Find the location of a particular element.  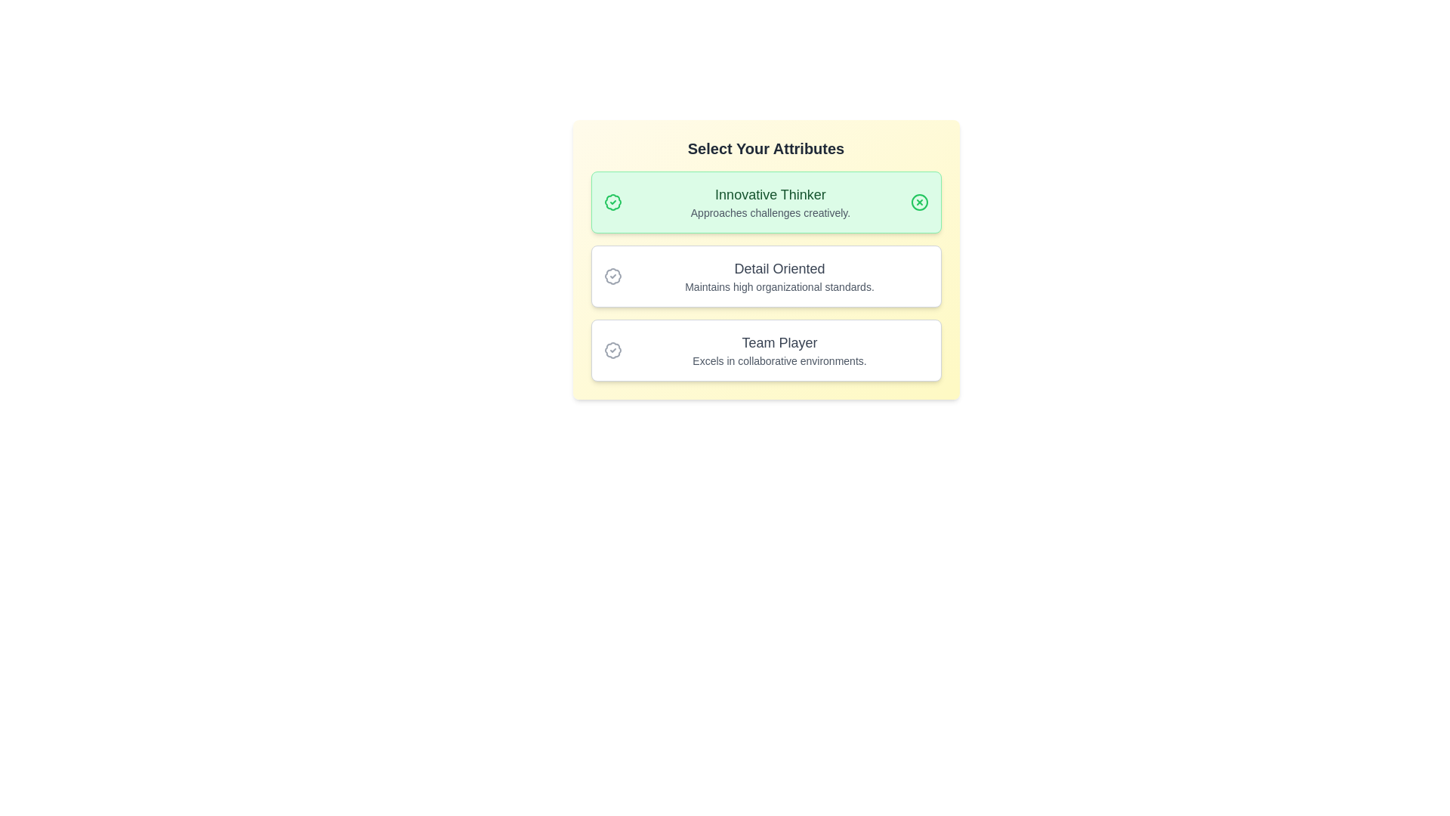

the badge Team Player is located at coordinates (766, 350).